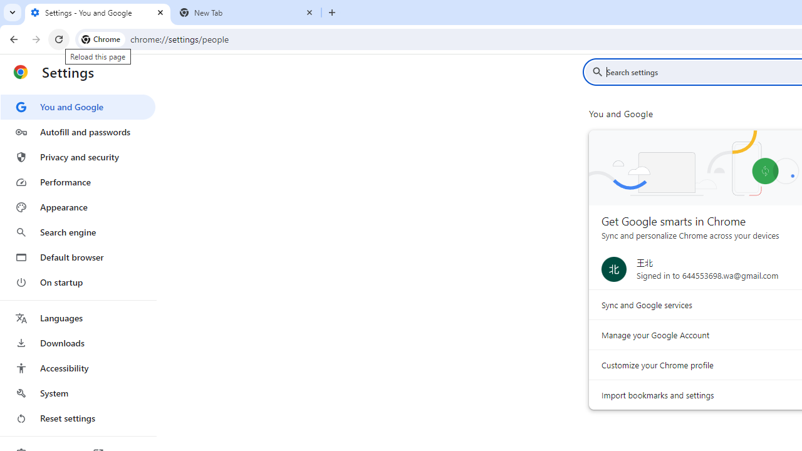  I want to click on 'Reset settings', so click(77, 418).